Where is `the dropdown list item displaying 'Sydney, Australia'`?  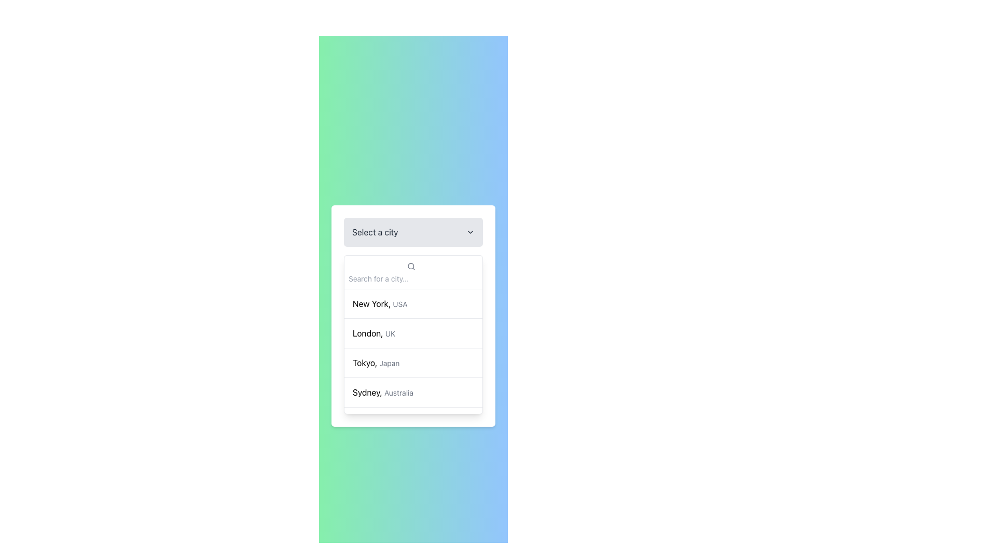 the dropdown list item displaying 'Sydney, Australia' is located at coordinates (382, 392).